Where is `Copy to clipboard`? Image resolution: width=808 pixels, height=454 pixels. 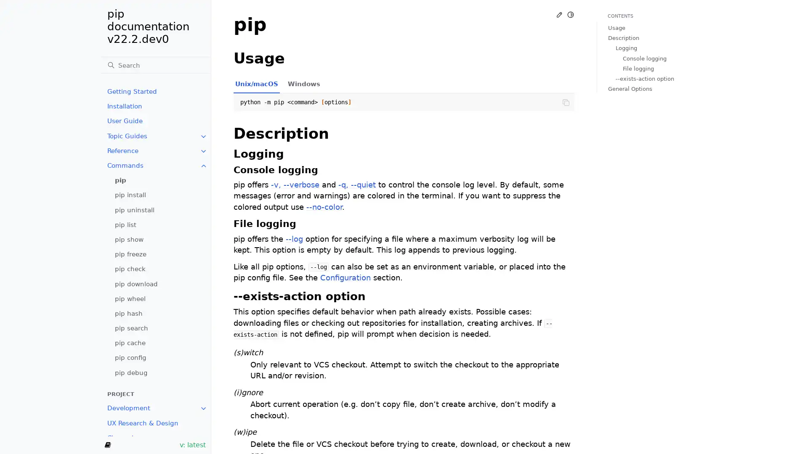
Copy to clipboard is located at coordinates (566, 102).